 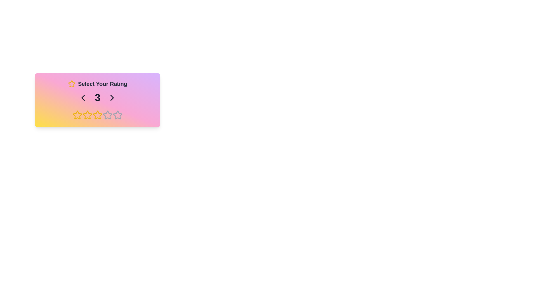 What do you see at coordinates (117, 115) in the screenshot?
I see `the fifth star-shaped icon in the rating system` at bounding box center [117, 115].